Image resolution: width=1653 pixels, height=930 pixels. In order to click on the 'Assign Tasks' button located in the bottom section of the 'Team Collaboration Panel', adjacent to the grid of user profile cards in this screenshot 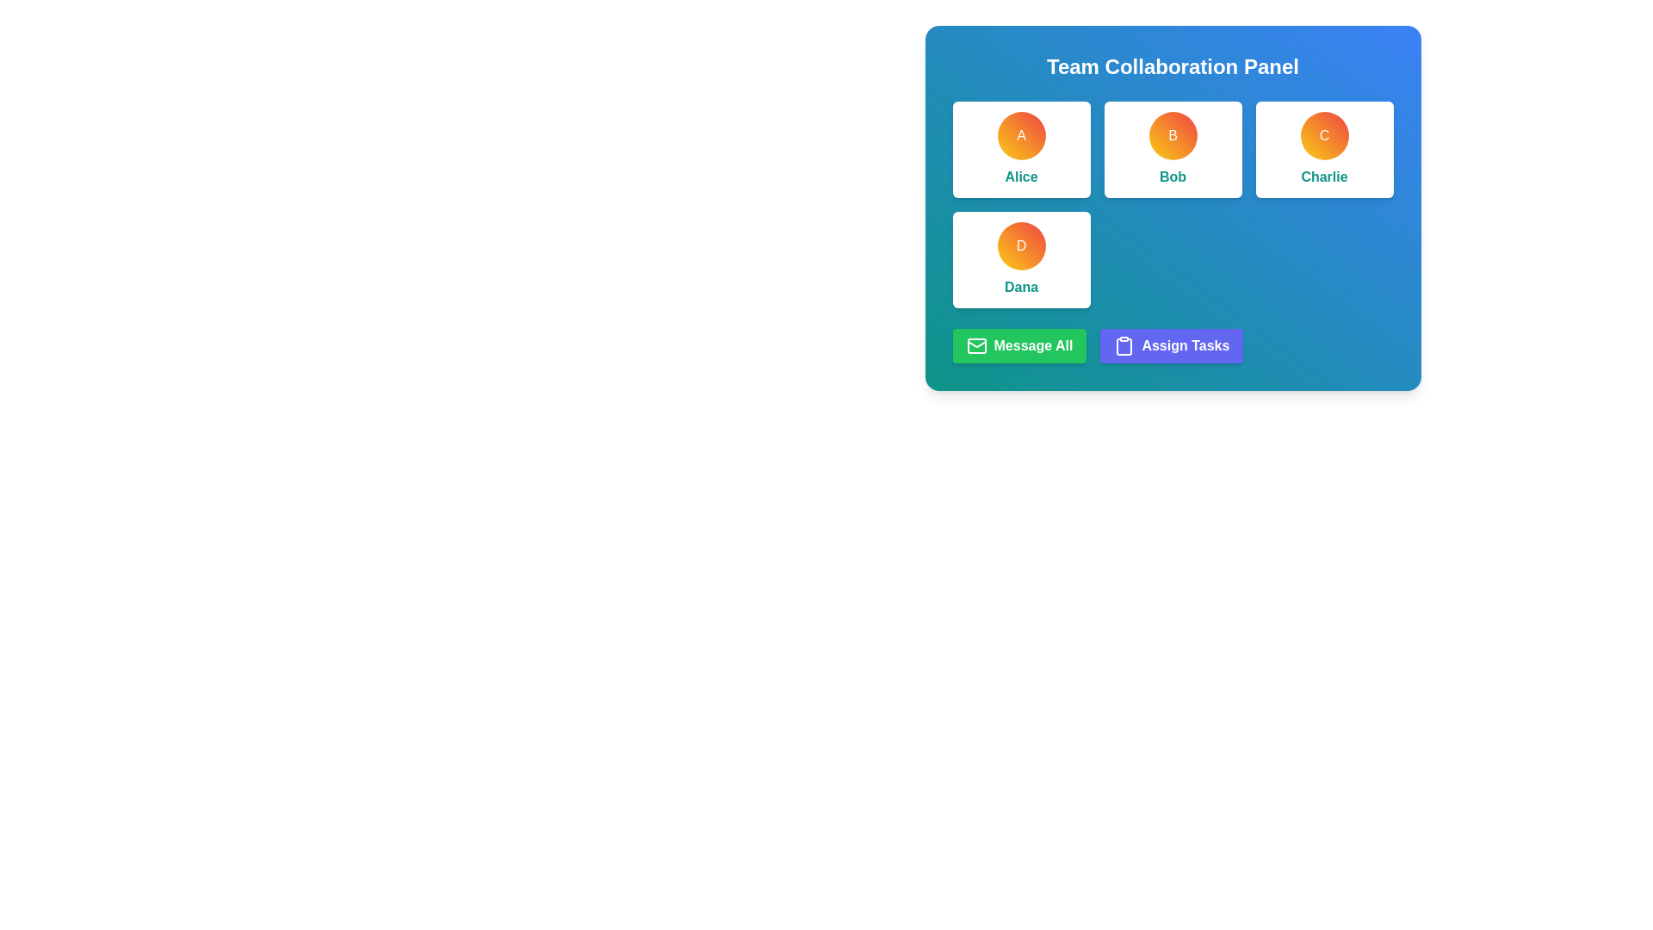, I will do `click(1172, 345)`.